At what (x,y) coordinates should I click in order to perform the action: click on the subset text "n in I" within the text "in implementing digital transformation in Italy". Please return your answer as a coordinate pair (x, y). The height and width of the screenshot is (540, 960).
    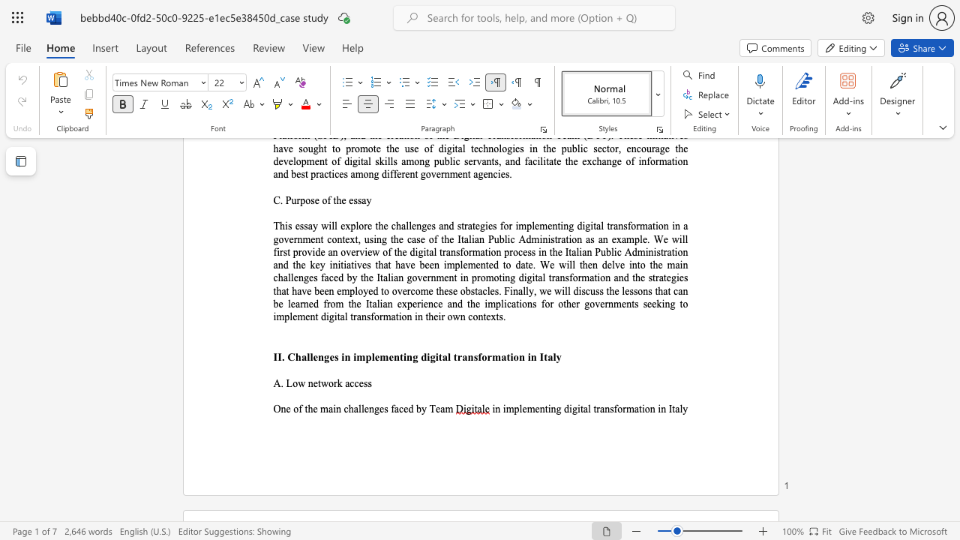
    Looking at the image, I should click on (649, 409).